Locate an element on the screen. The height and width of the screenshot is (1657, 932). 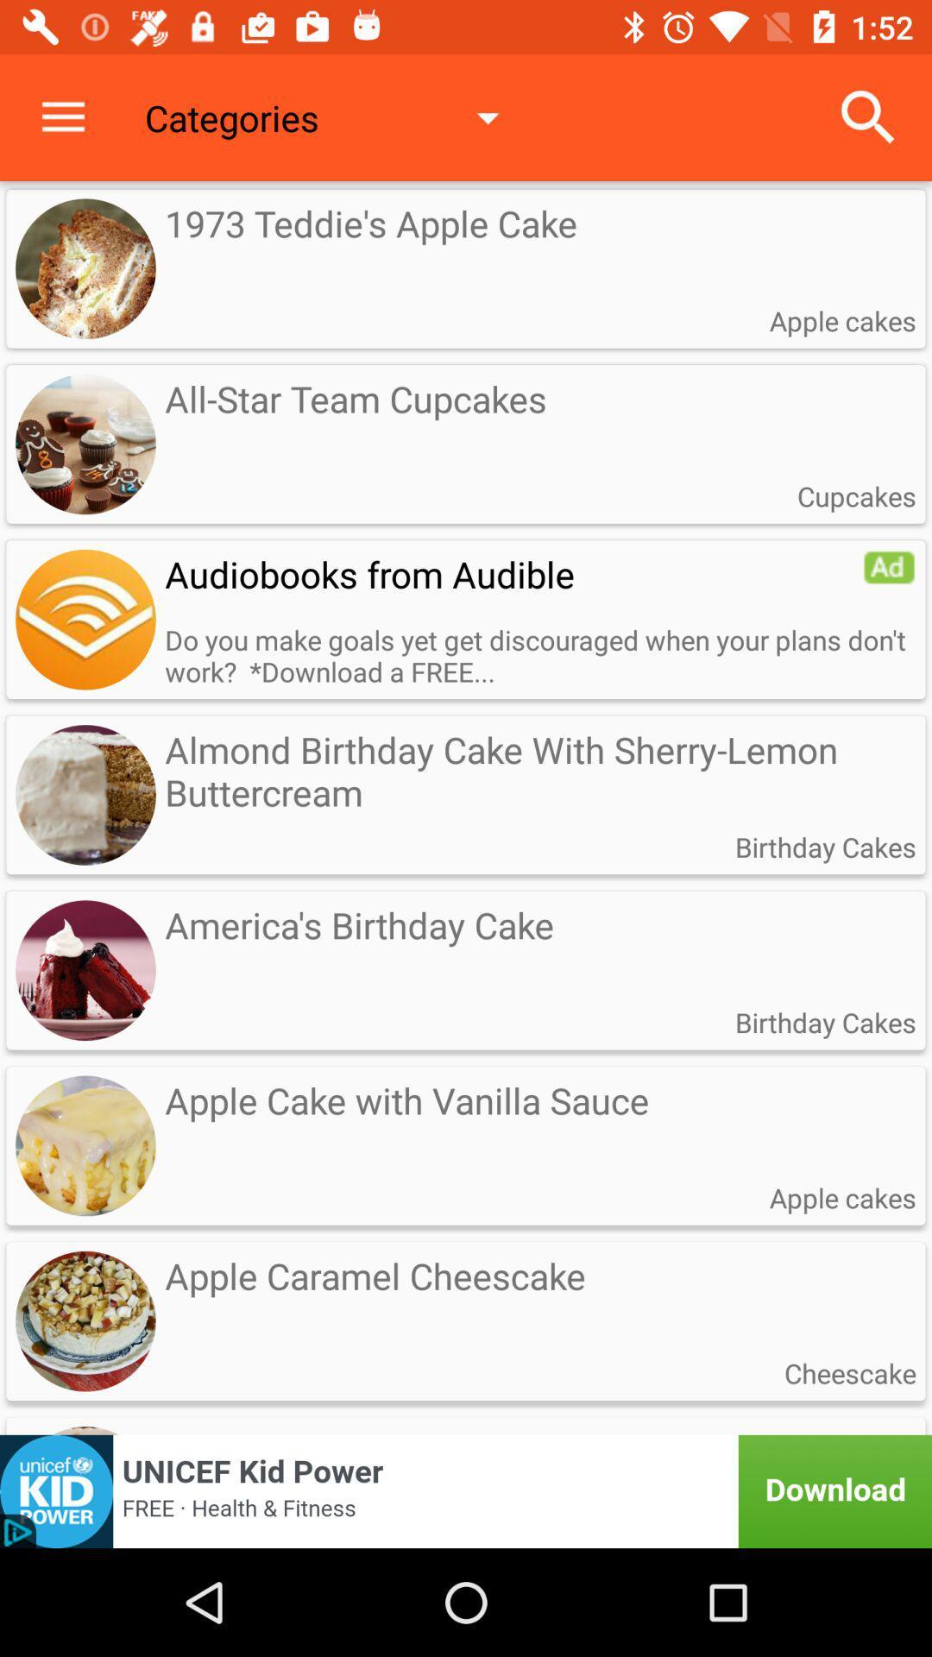
do you make item is located at coordinates (539, 654).